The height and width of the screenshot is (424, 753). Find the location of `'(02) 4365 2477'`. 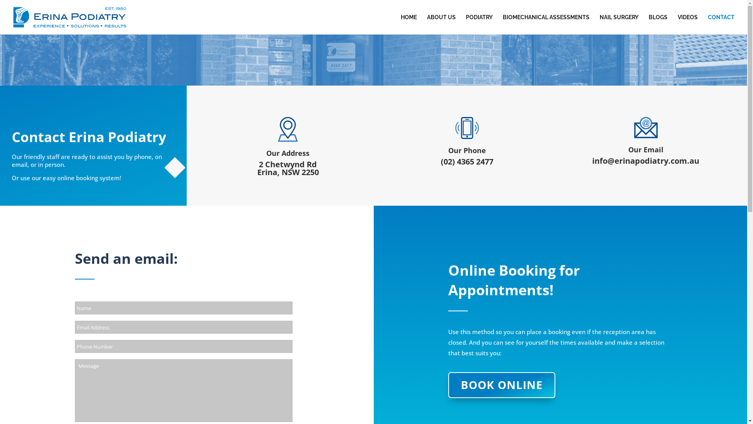

'(02) 4365 2477' is located at coordinates (467, 161).